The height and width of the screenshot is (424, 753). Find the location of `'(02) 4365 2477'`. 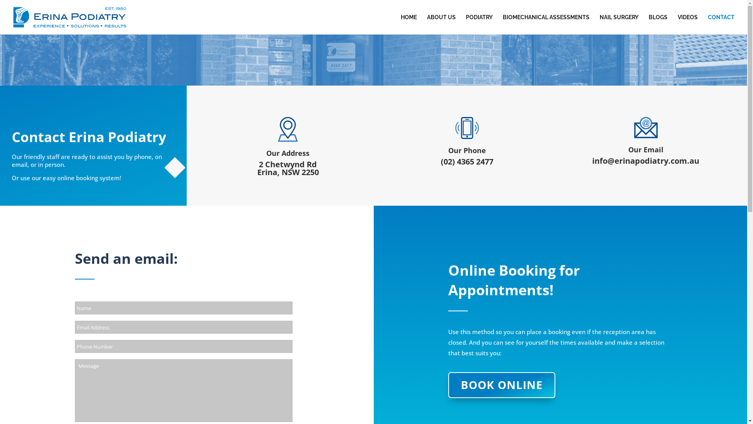

'(02) 4365 2477' is located at coordinates (467, 161).